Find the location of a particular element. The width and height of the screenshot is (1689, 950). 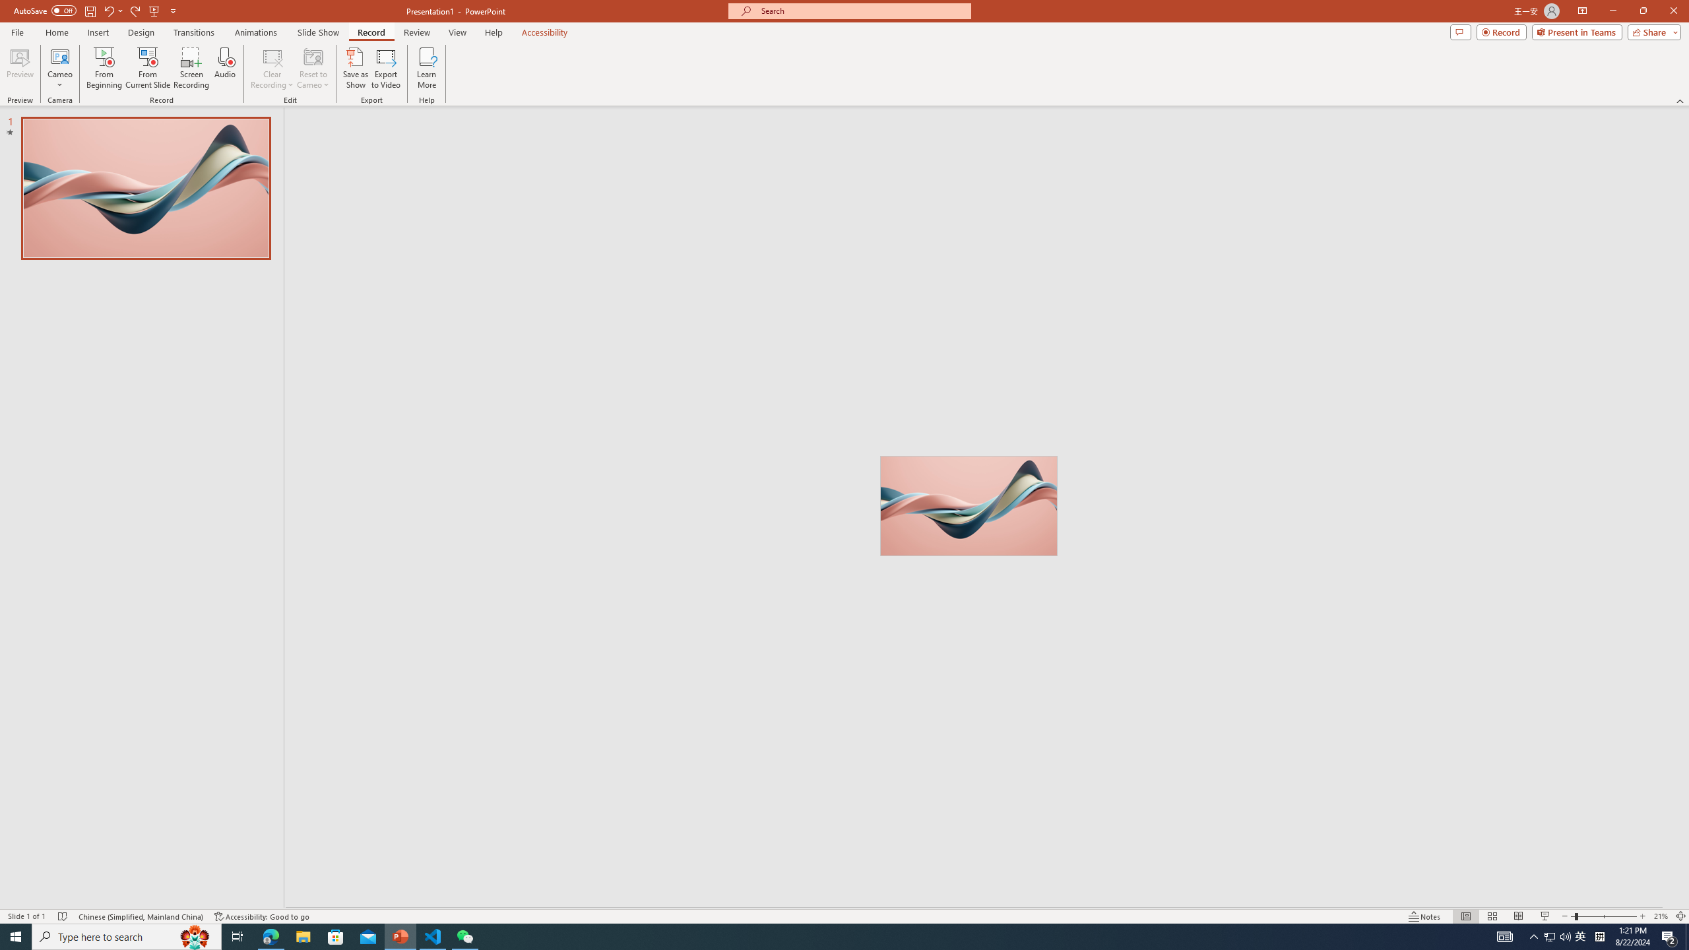

'From Current Slide...' is located at coordinates (148, 68).